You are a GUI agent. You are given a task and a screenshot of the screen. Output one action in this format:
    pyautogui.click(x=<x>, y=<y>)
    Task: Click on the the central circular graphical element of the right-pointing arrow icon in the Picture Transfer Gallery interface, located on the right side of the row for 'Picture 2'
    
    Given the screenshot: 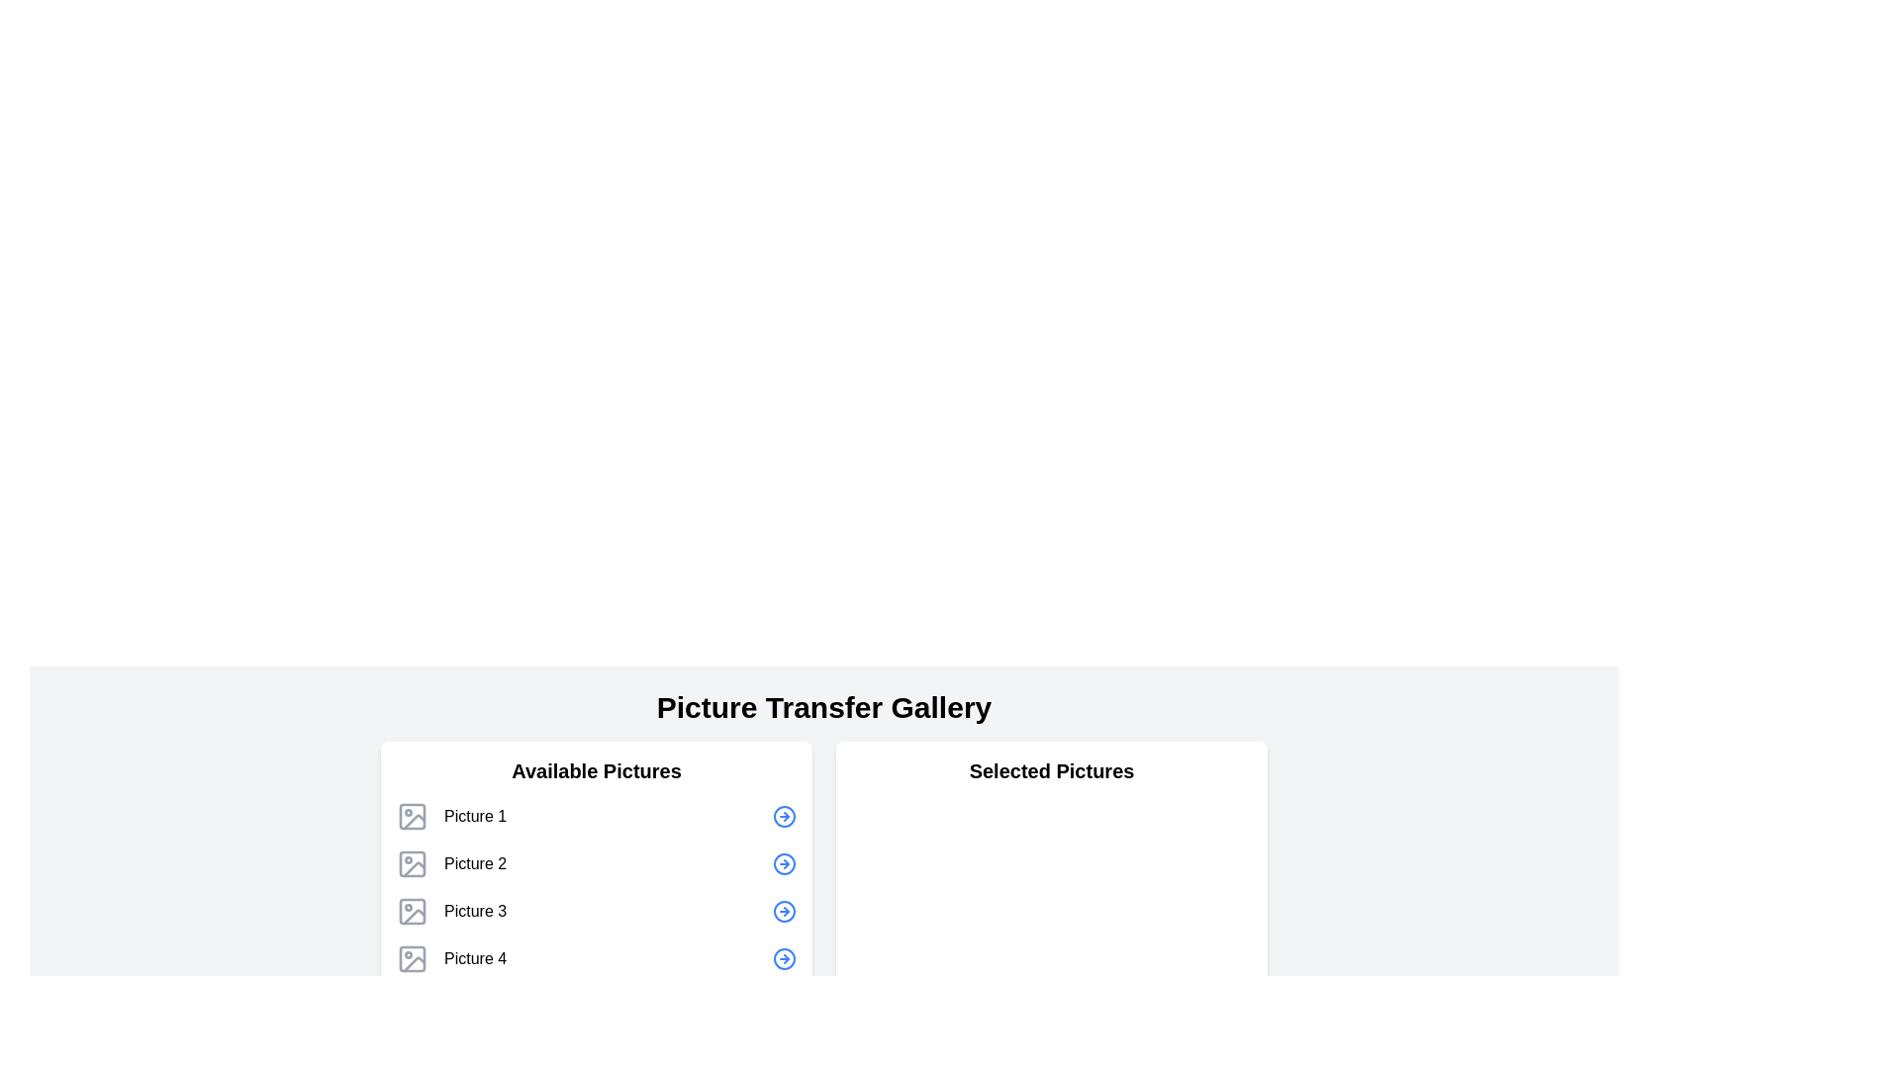 What is the action you would take?
    pyautogui.click(x=783, y=863)
    